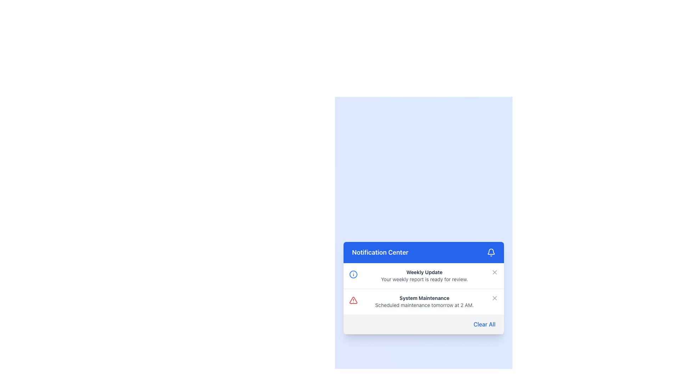  Describe the element at coordinates (353, 300) in the screenshot. I see `the warning icon next to the 'System Maintenance' notification in the second row of the notification list` at that location.